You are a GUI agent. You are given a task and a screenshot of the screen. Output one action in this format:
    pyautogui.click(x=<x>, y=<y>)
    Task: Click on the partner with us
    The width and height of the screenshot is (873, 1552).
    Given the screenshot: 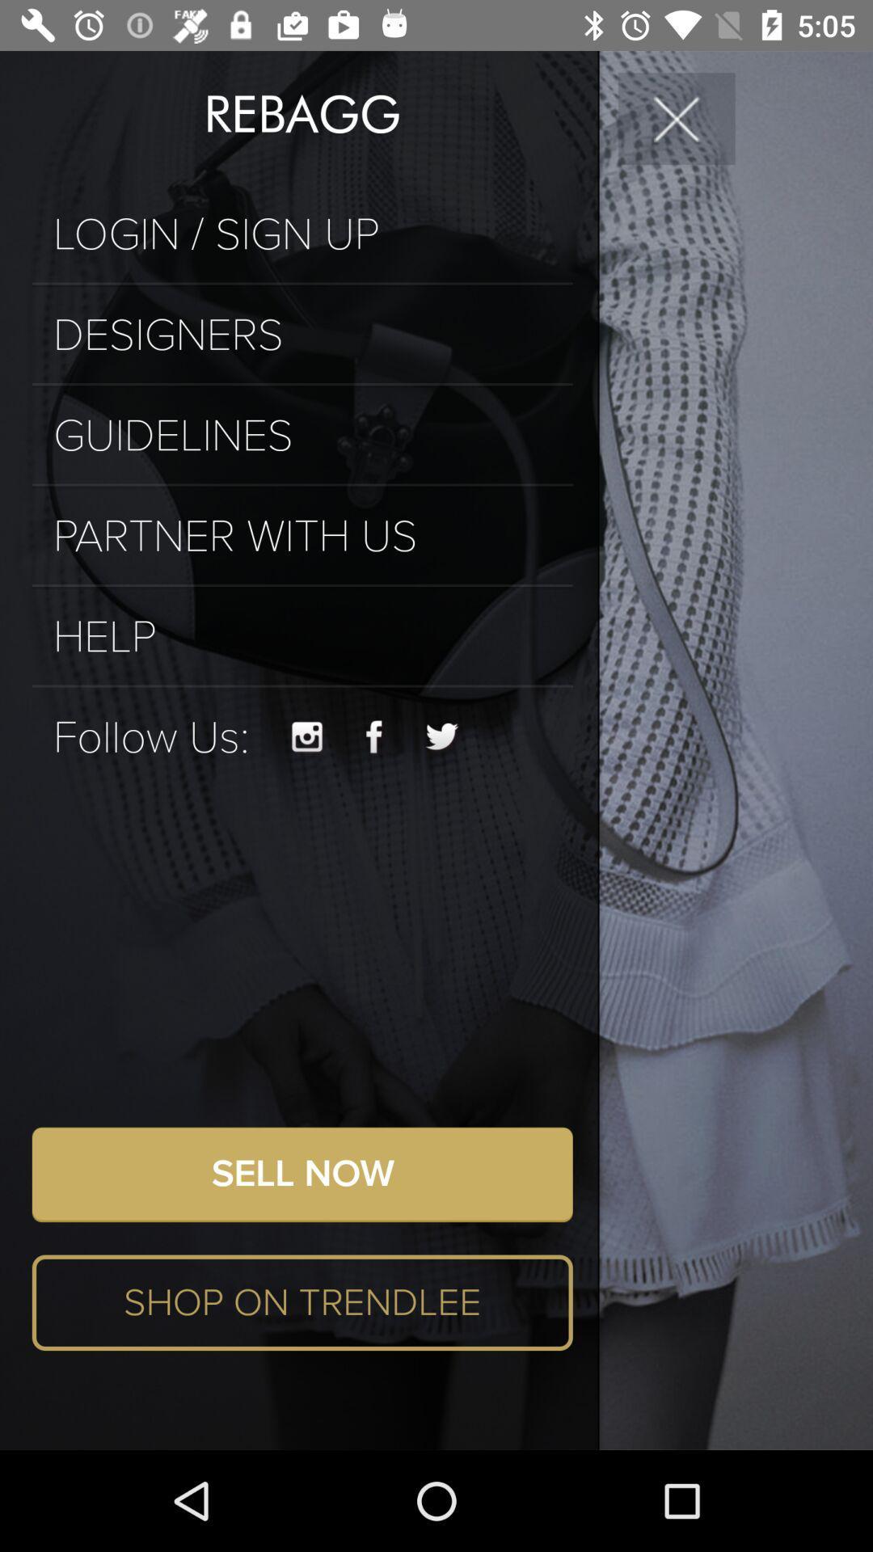 What is the action you would take?
    pyautogui.click(x=302, y=536)
    